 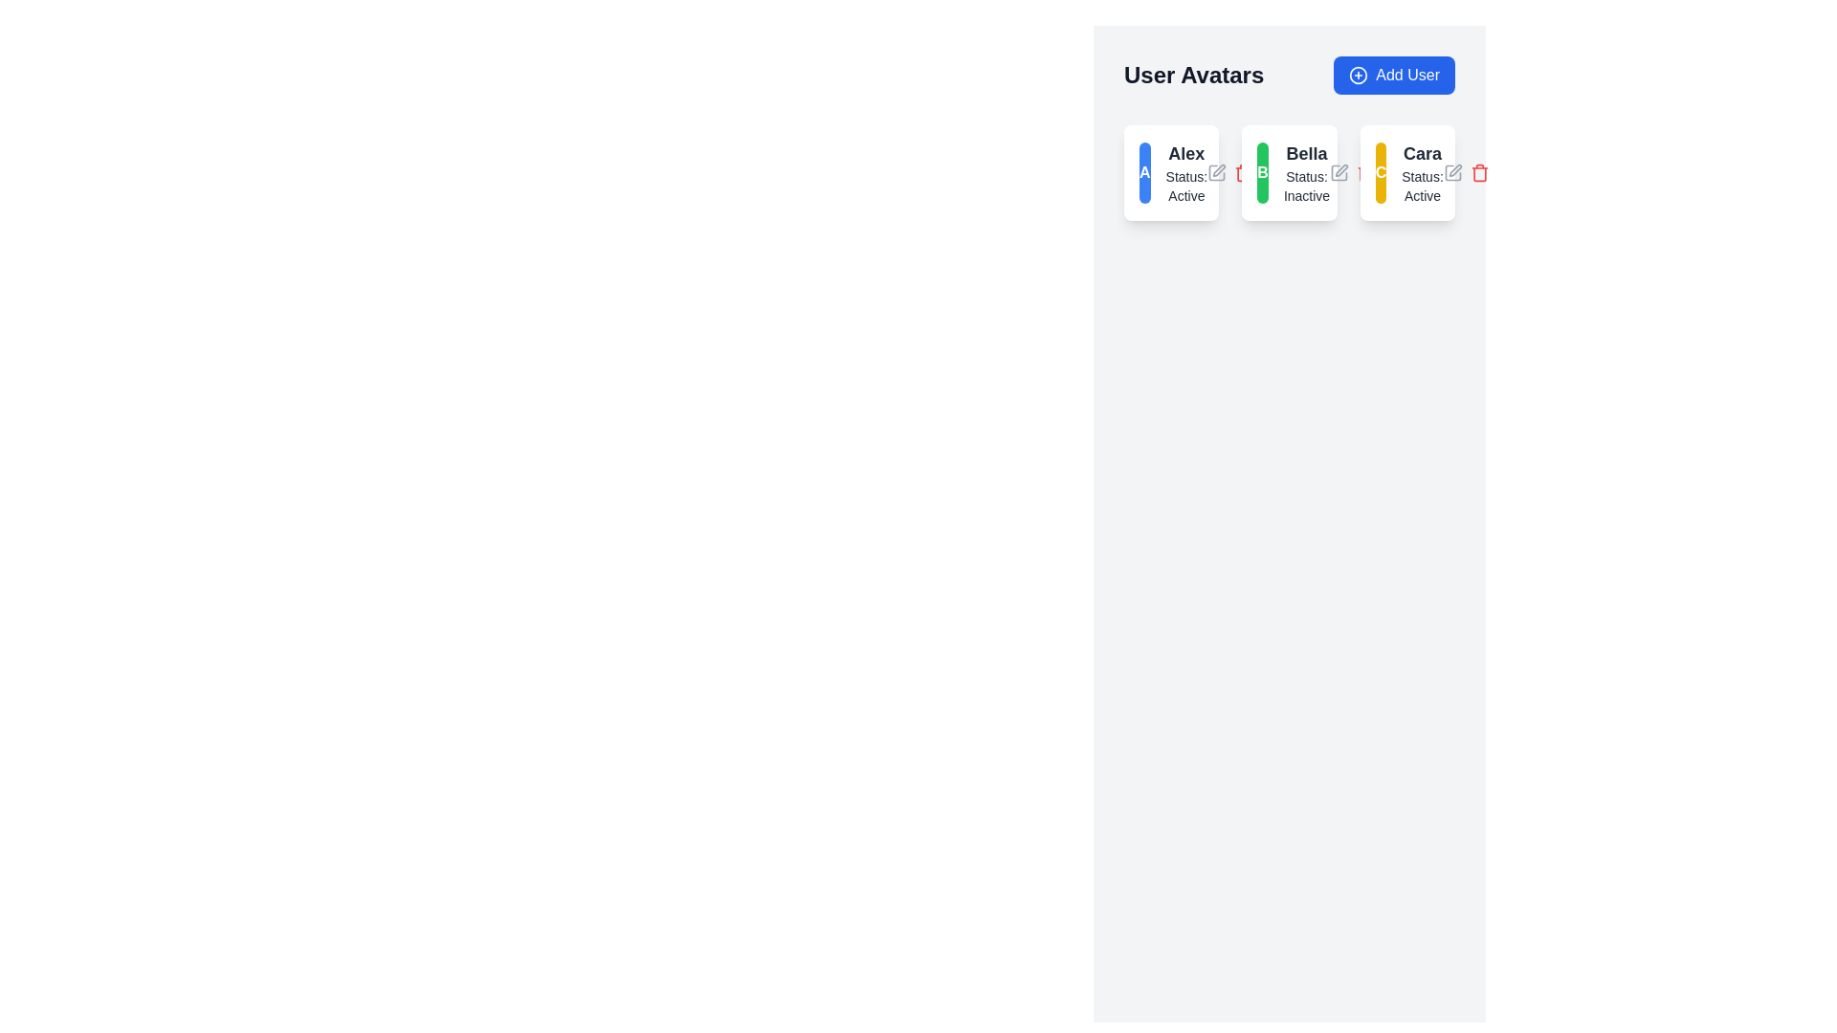 I want to click on the 'Add User' button with a blue background and white text, located on the right side of the header section, to initiate the action of adding a new user, so click(x=1394, y=74).